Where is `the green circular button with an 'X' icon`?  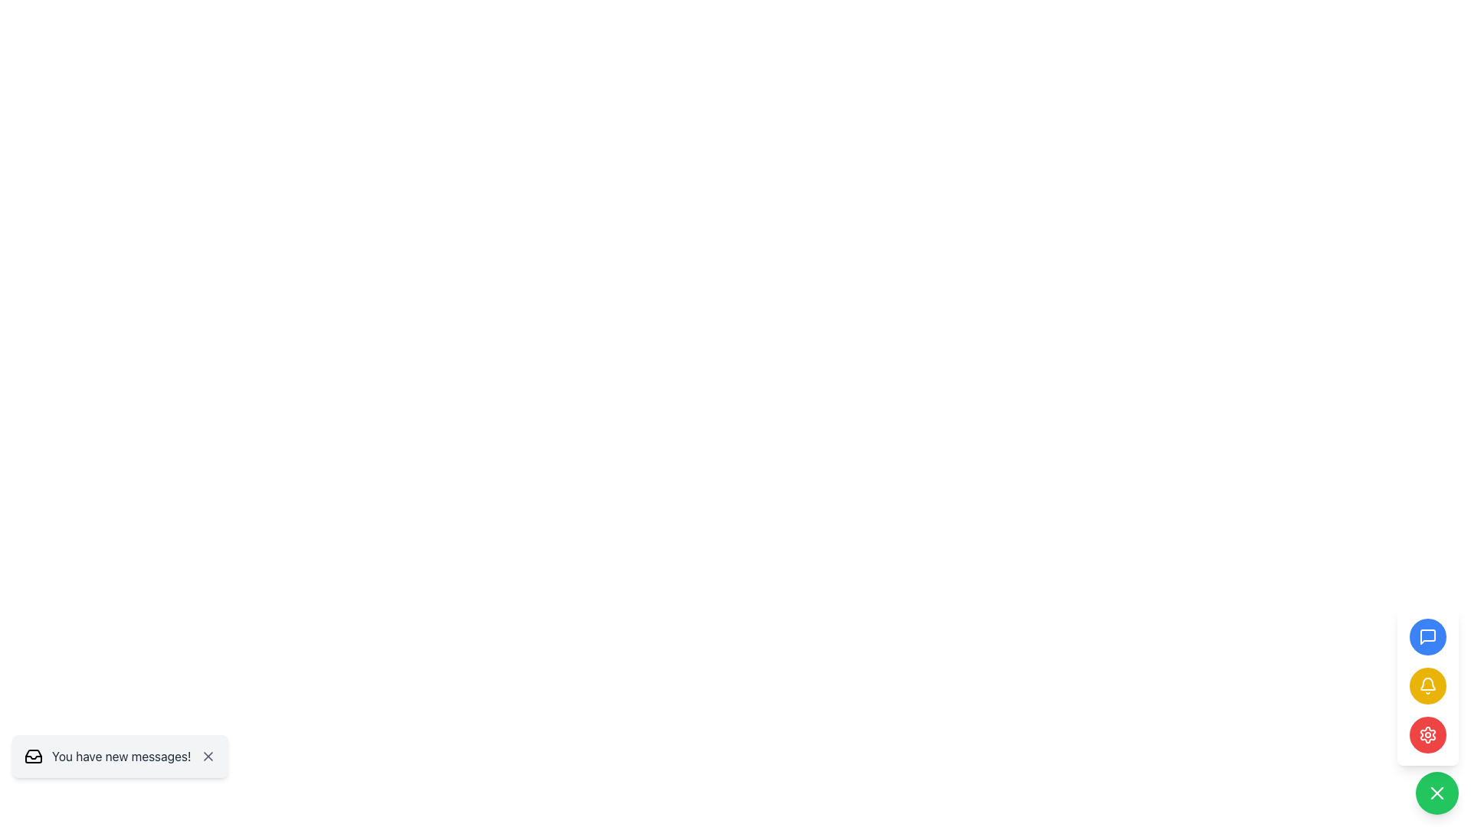
the green circular button with an 'X' icon is located at coordinates (1437, 793).